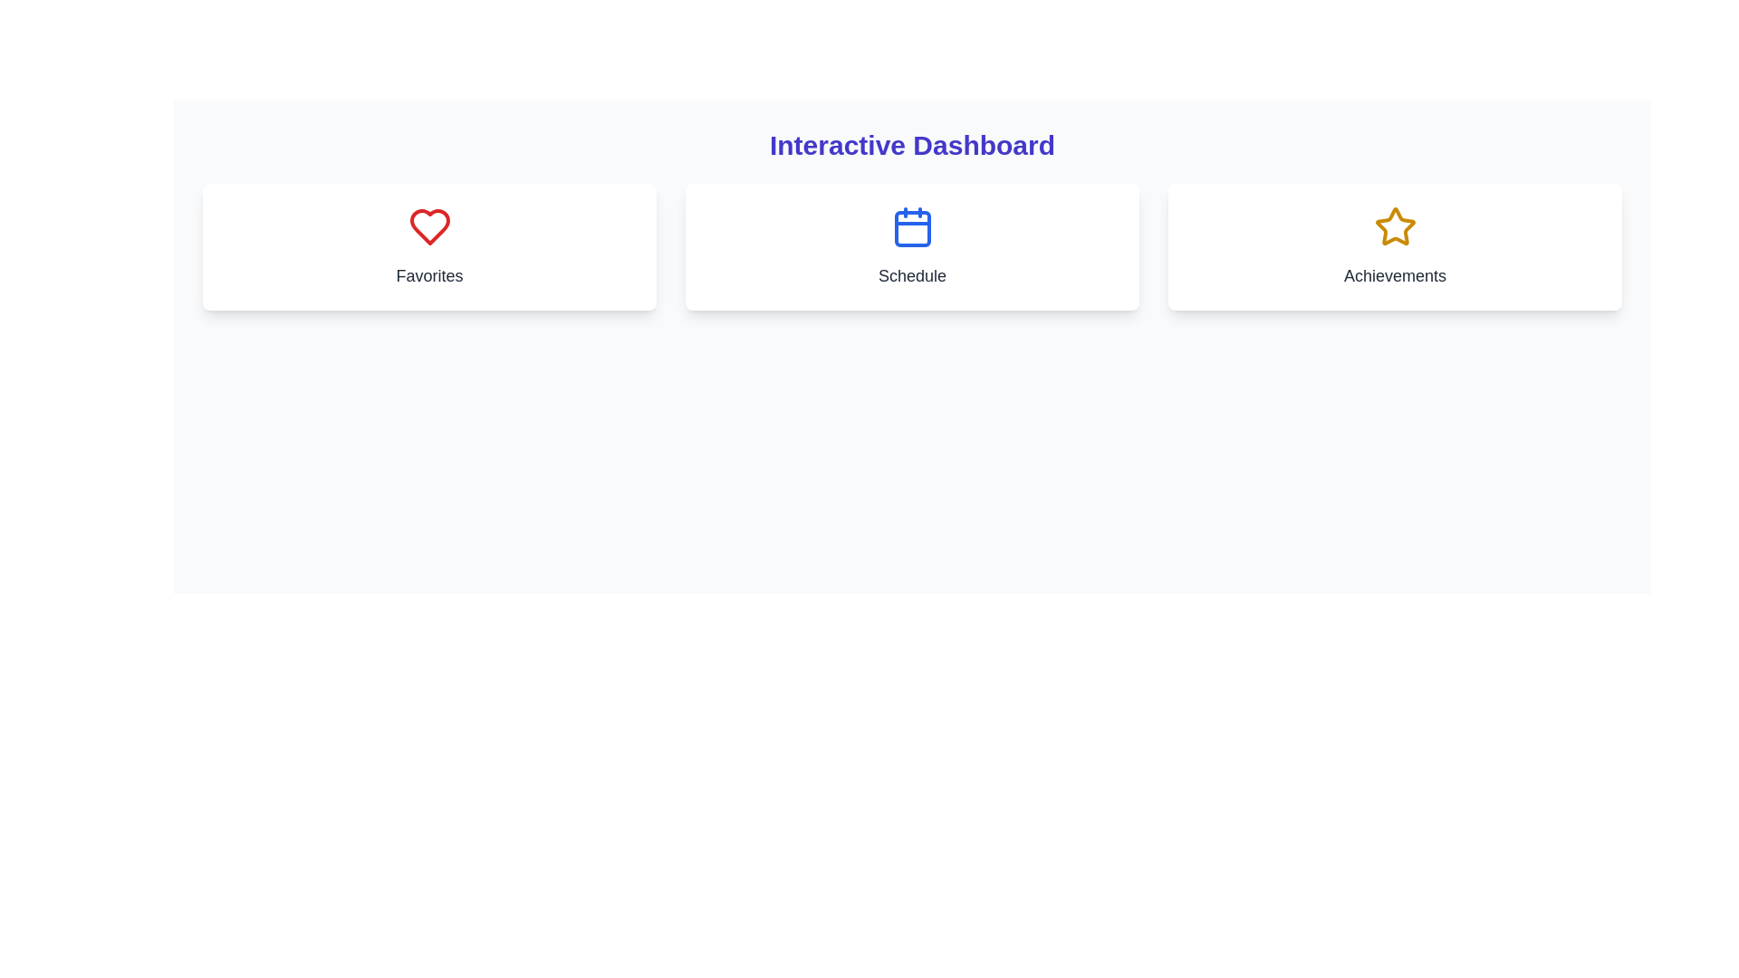  I want to click on the second clickable card in the horizontally aligned set, positioned centrally between the 'Favorites' and 'Achievements' cards, located beneath the title 'Interactive Dashboard', so click(912, 247).